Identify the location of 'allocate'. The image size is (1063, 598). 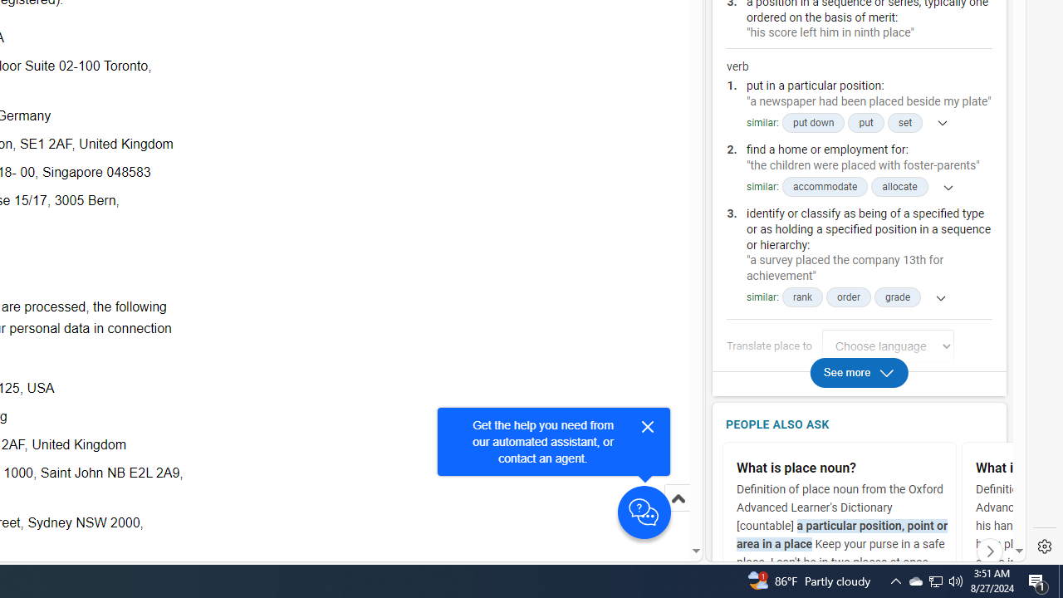
(899, 187).